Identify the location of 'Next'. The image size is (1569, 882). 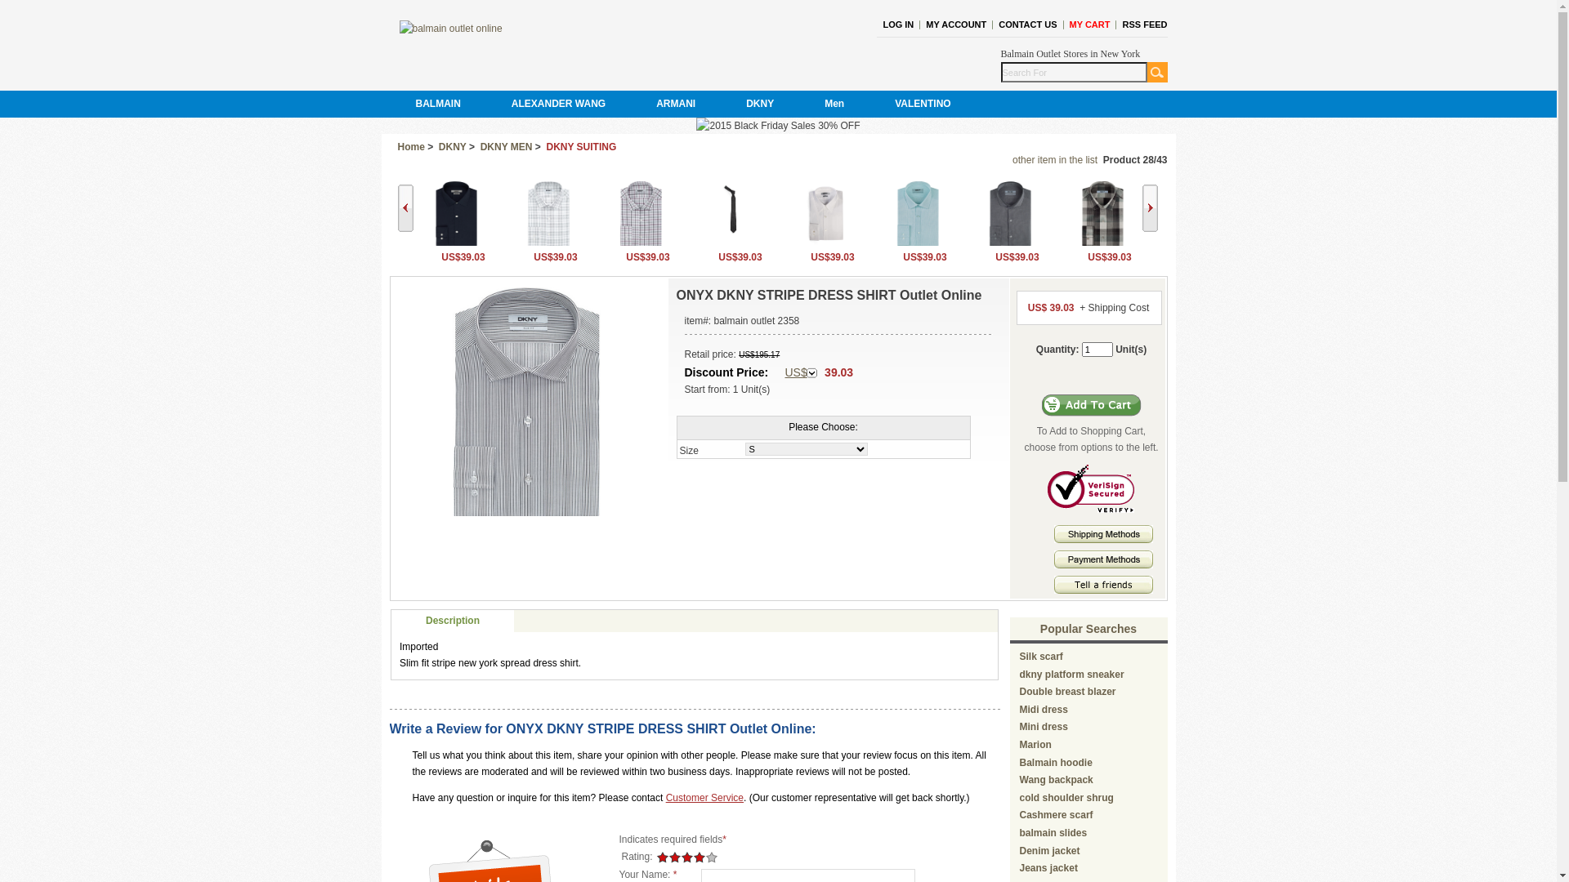
(1149, 207).